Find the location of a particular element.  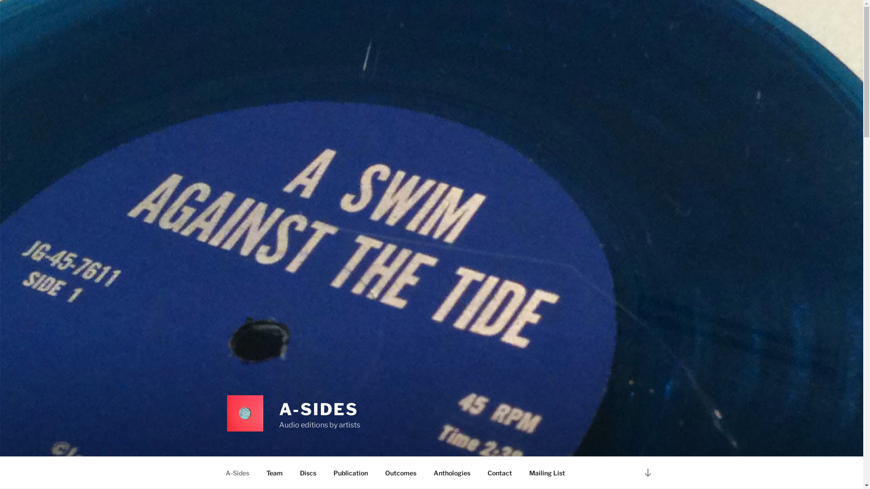

'Scroll down to content' is located at coordinates (647, 472).